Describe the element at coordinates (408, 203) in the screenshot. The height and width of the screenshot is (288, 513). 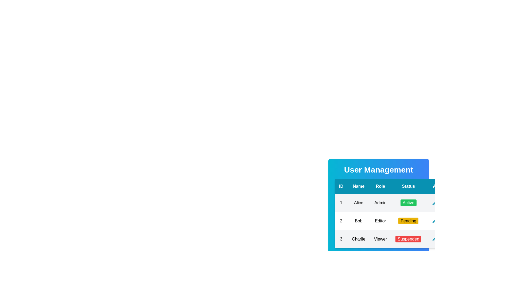
I see `the 'Active' status label for 'Alice' in the Status column of the table` at that location.